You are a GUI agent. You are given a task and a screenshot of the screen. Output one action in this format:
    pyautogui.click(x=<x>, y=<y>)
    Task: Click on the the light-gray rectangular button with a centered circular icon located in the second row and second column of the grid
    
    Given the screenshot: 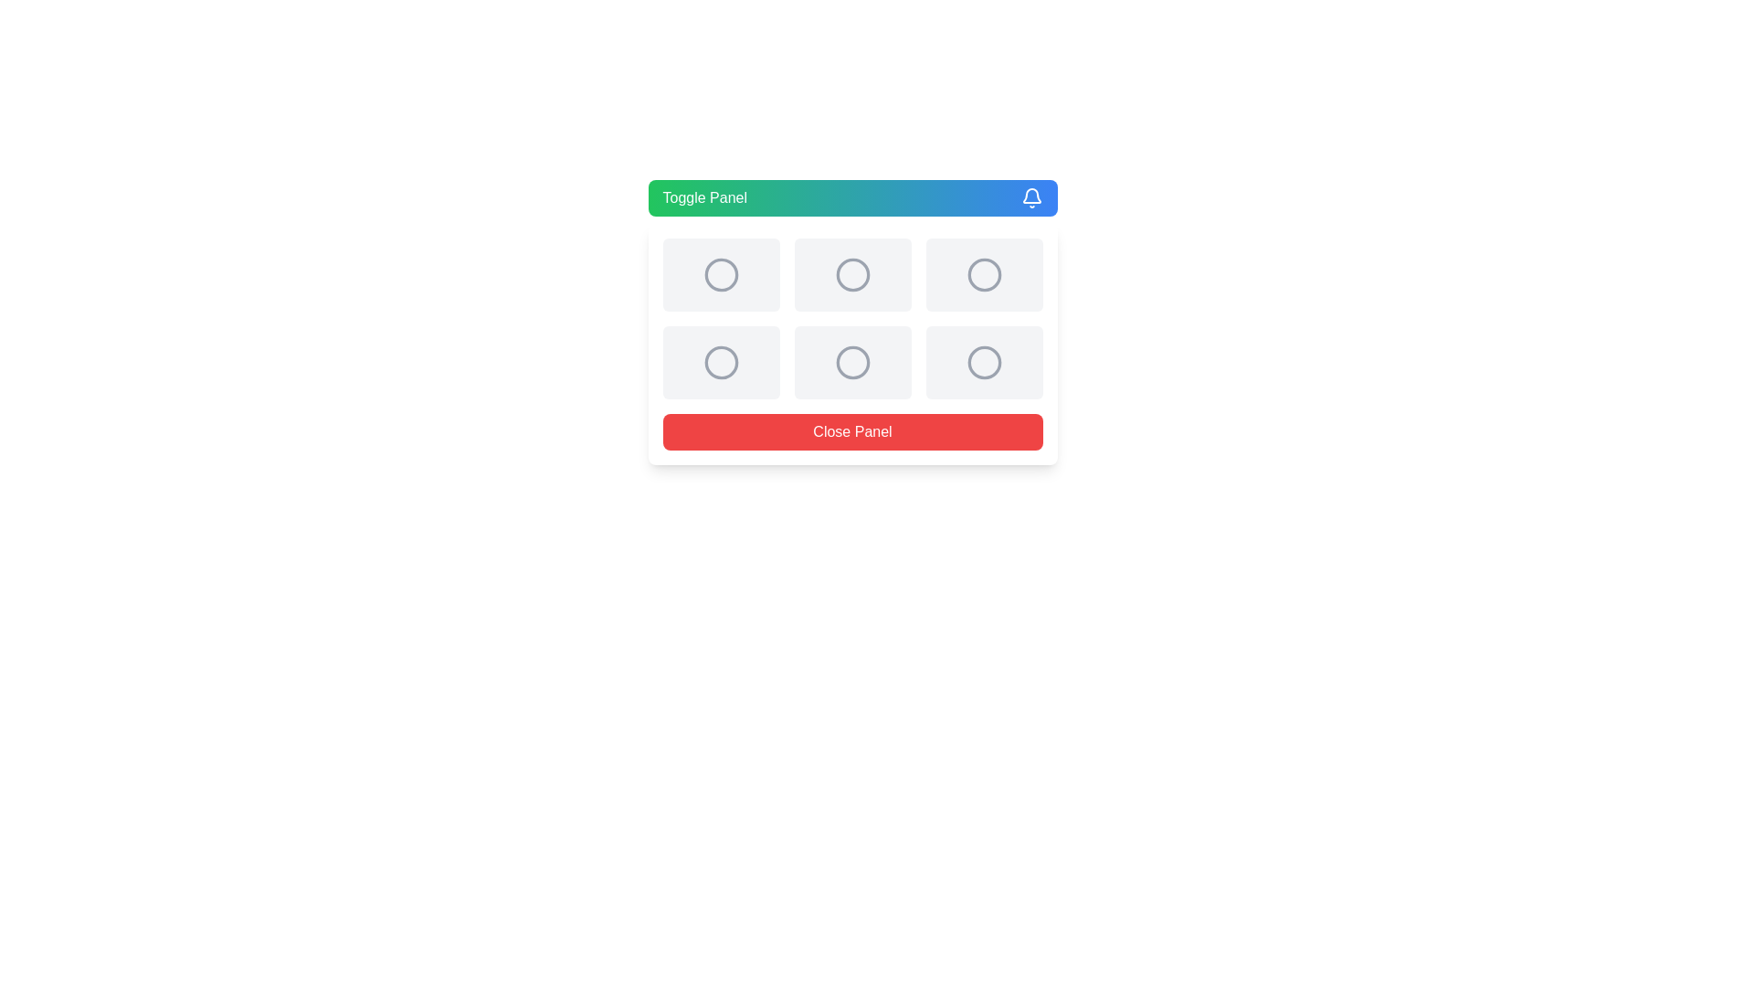 What is the action you would take?
    pyautogui.click(x=851, y=363)
    